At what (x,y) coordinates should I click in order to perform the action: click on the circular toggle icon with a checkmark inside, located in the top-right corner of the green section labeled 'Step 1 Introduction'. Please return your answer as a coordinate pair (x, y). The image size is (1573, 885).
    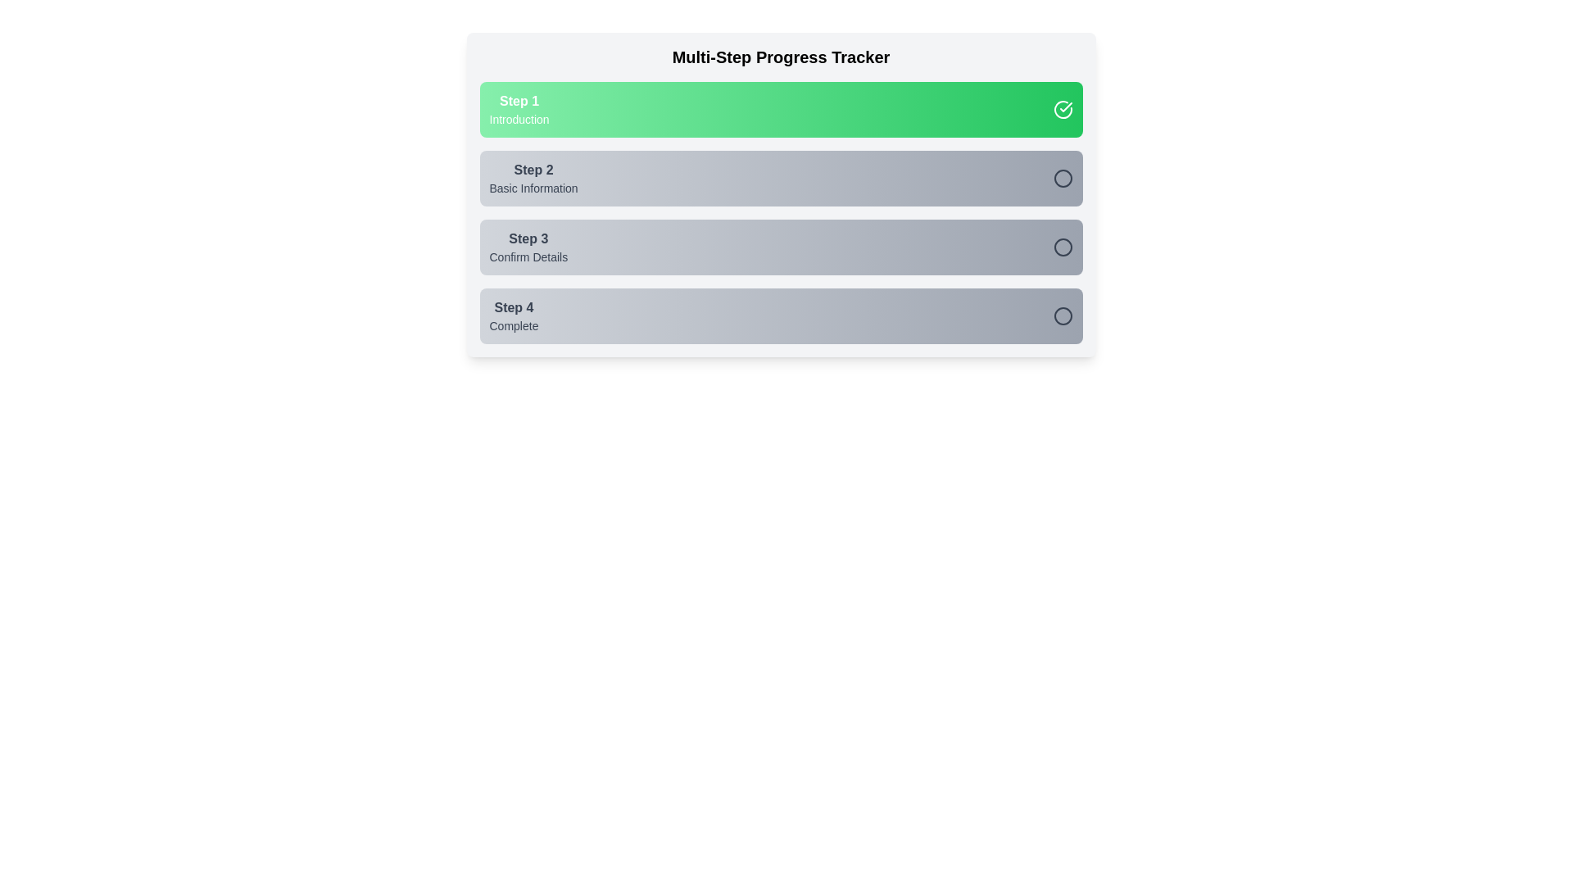
    Looking at the image, I should click on (1063, 110).